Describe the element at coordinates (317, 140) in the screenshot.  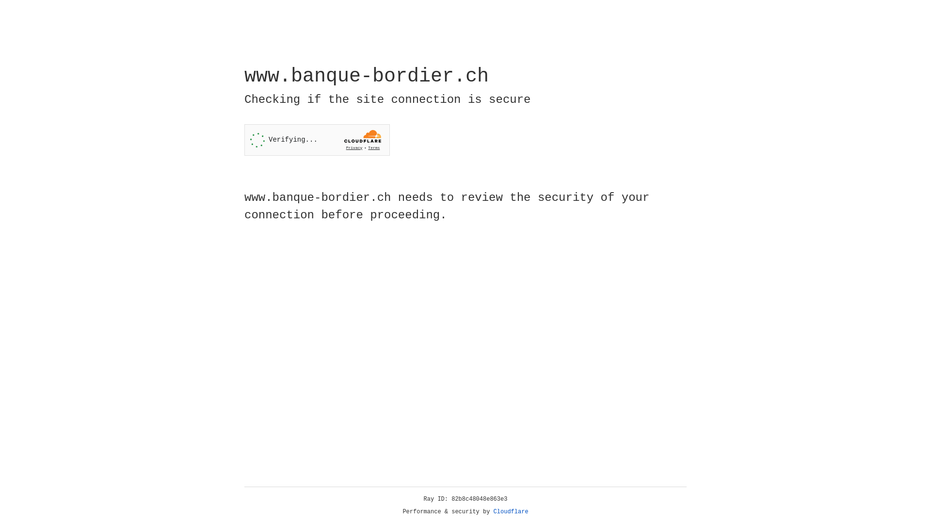
I see `'Widget containing a Cloudflare security challenge'` at that location.